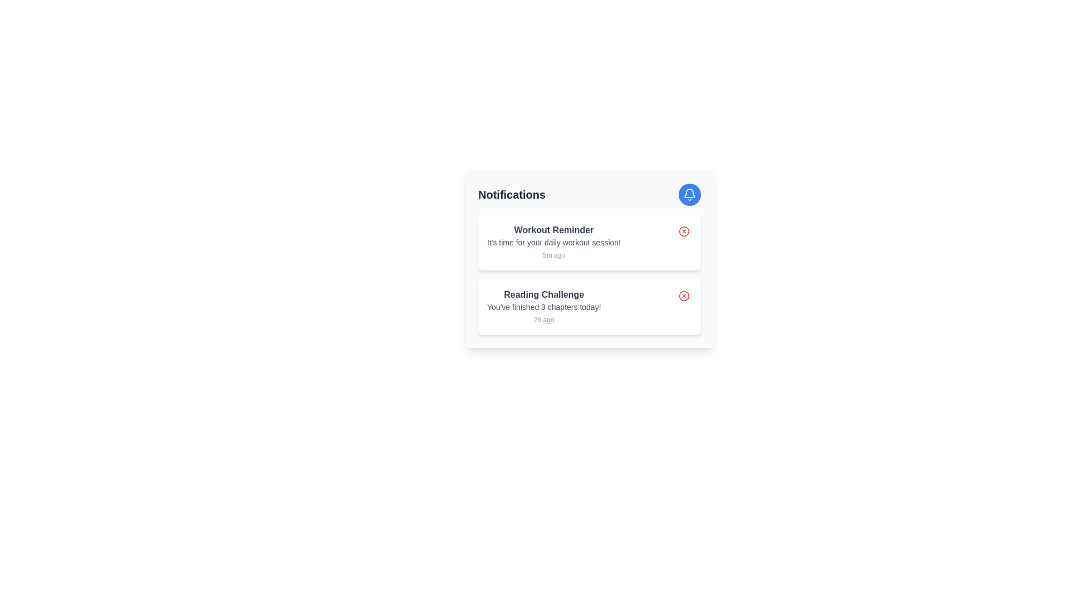 This screenshot has height=601, width=1069. What do you see at coordinates (683, 231) in the screenshot?
I see `the button in the top-right corner of the 'Workout Reminder' notification card` at bounding box center [683, 231].